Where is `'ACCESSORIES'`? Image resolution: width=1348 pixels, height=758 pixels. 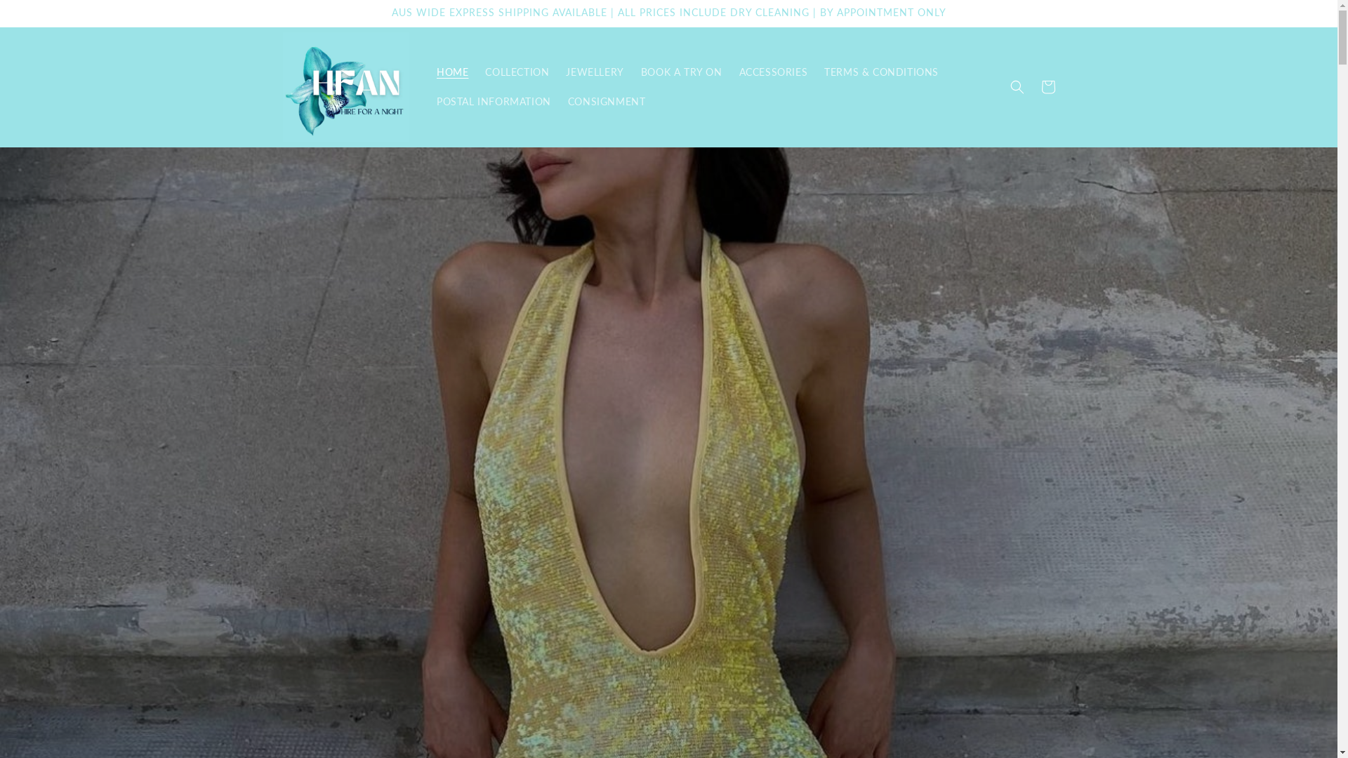 'ACCESSORIES' is located at coordinates (773, 72).